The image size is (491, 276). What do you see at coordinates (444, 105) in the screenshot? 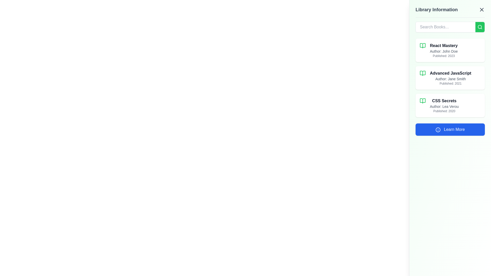
I see `the third entry in the 'Library Information' panel, which is an Informational block containing a bolded title, author's name, and publication year` at bounding box center [444, 105].